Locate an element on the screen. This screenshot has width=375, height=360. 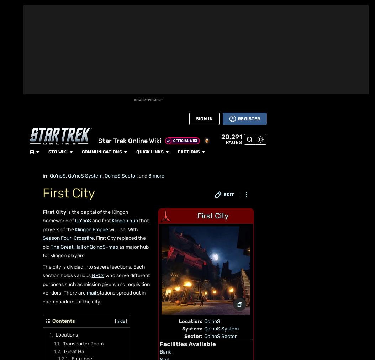
'The Targ Pits' is located at coordinates (120, 89).